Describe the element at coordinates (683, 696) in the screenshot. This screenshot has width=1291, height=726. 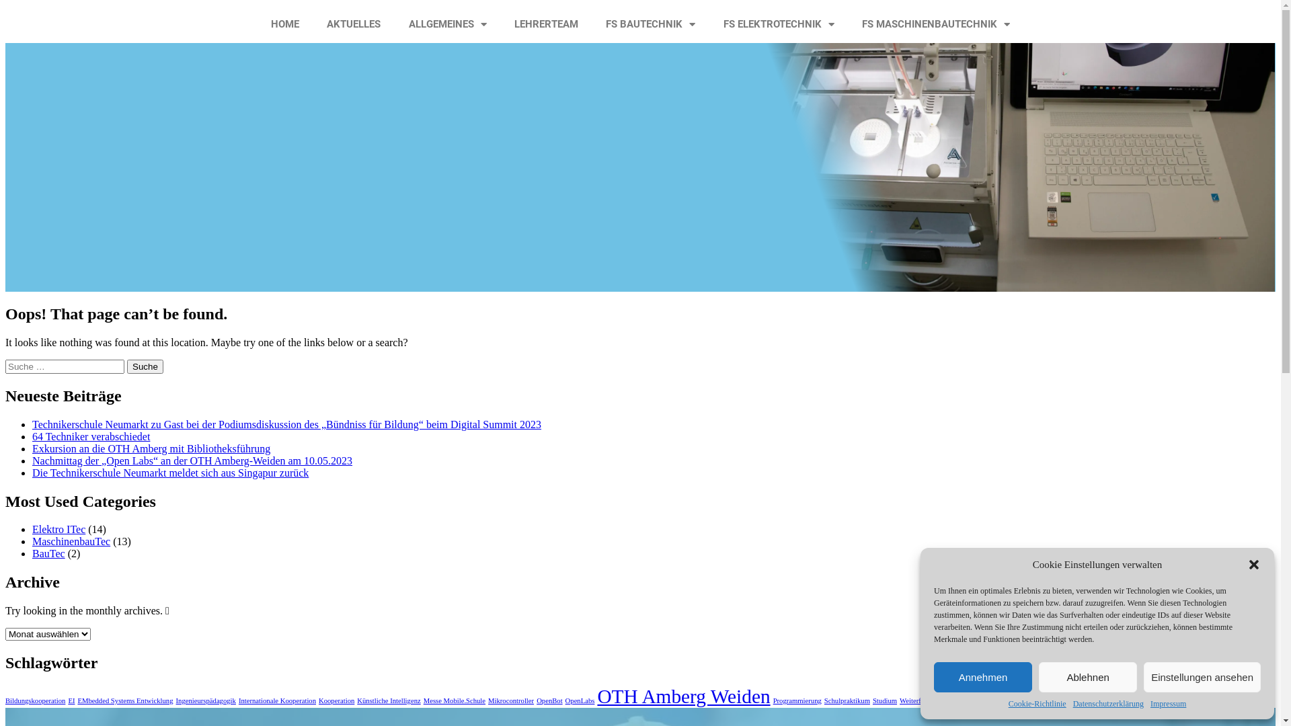
I see `'OTH Amberg Weiden'` at that location.